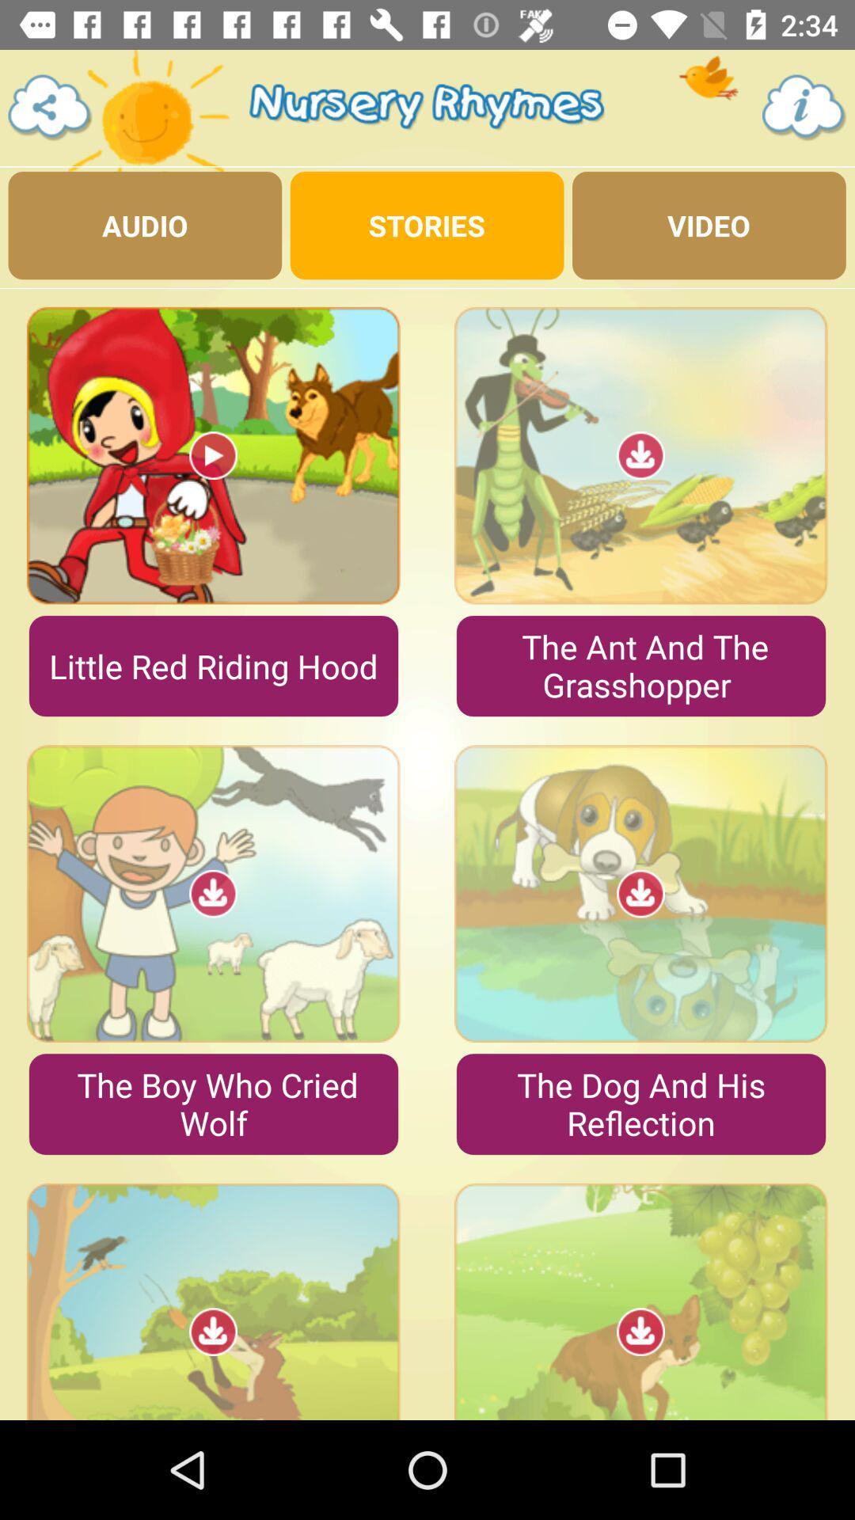 This screenshot has height=1520, width=855. What do you see at coordinates (49, 107) in the screenshot?
I see `share the article` at bounding box center [49, 107].